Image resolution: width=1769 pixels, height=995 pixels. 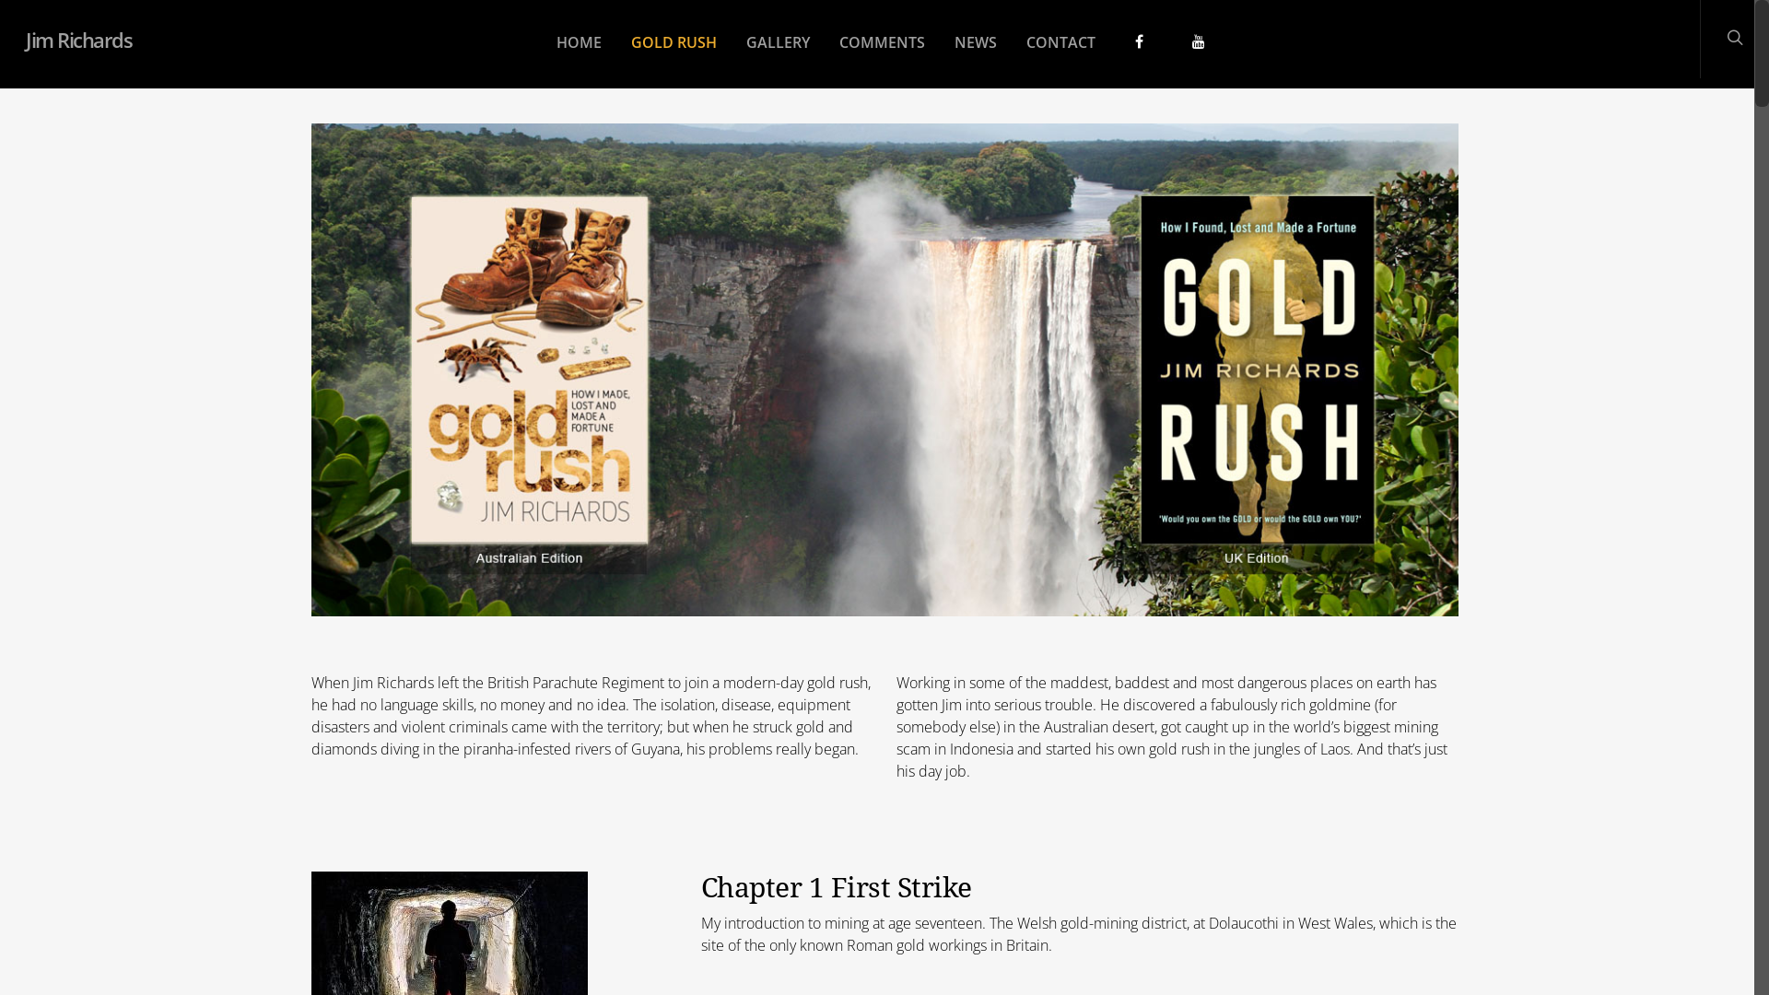 What do you see at coordinates (777, 54) in the screenshot?
I see `'GALLERY'` at bounding box center [777, 54].